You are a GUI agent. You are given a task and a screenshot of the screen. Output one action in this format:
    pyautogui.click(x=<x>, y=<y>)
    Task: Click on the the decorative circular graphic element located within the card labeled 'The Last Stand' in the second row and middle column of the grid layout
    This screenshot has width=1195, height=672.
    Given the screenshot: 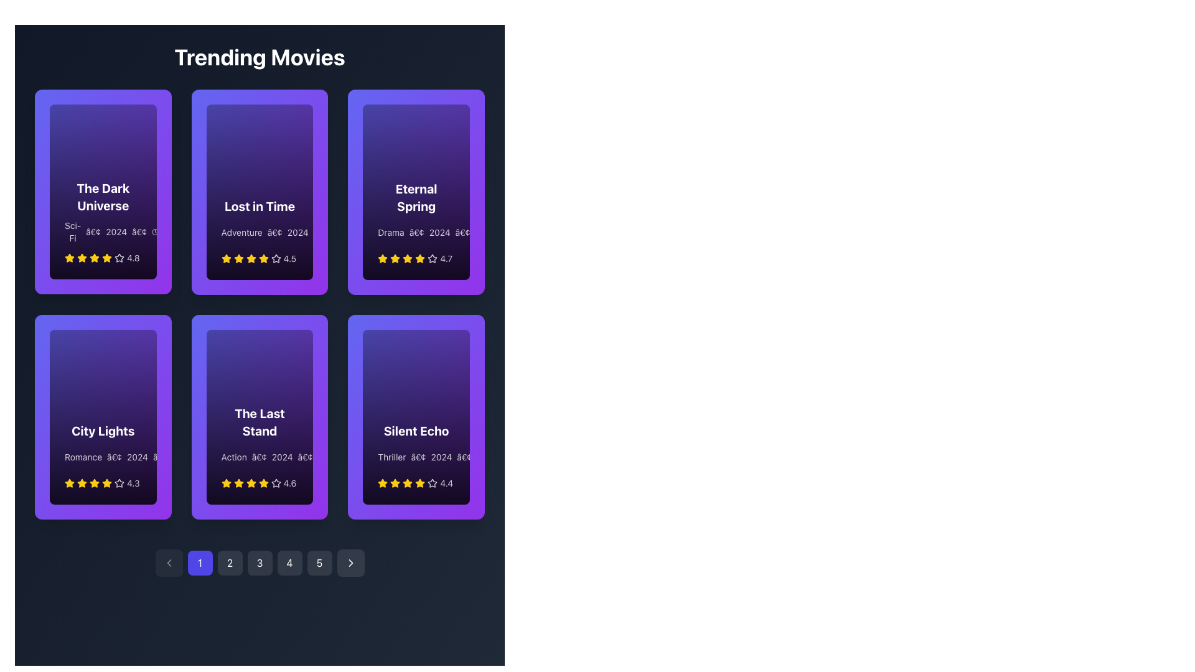 What is the action you would take?
    pyautogui.click(x=284, y=340)
    